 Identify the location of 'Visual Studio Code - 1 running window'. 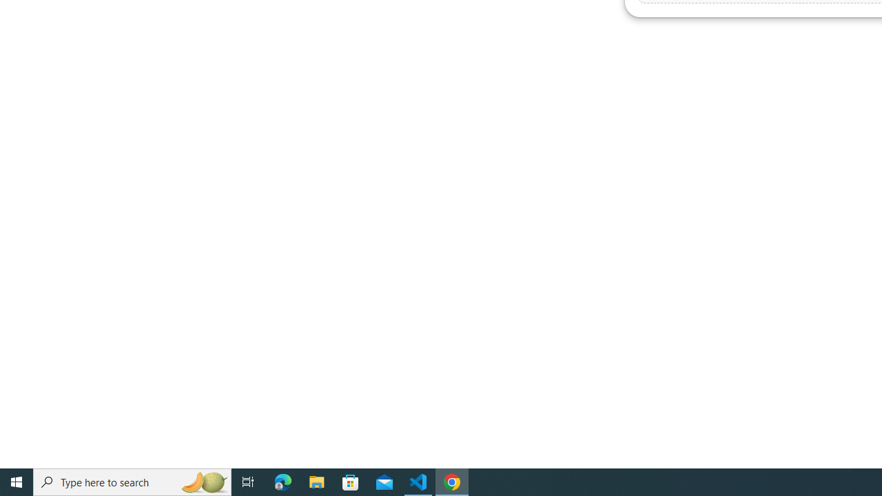
(418, 481).